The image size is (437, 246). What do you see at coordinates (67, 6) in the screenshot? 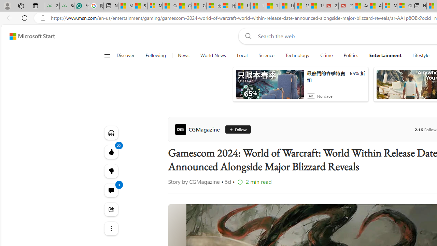
I see `'Best SSL Certificates Provider in India - GeeksforGeeks'` at bounding box center [67, 6].